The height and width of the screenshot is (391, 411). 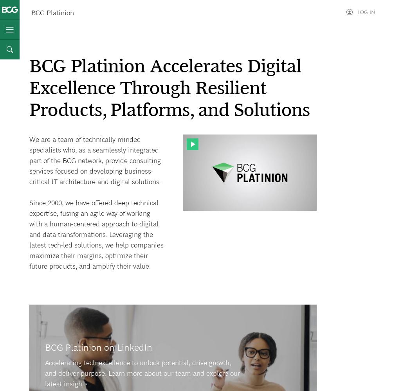 I want to click on 'Accelerating tech excellence to unlock potential, drive growth, and deliver purpose. Learn more about our team and explore our latest insights.', so click(x=44, y=373).